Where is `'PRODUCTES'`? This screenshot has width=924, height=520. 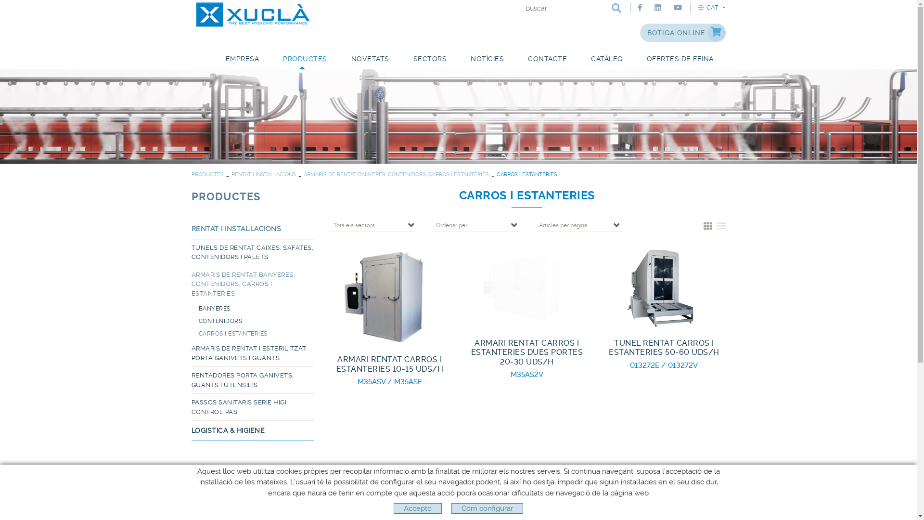
'PRODUCTES' is located at coordinates (207, 174).